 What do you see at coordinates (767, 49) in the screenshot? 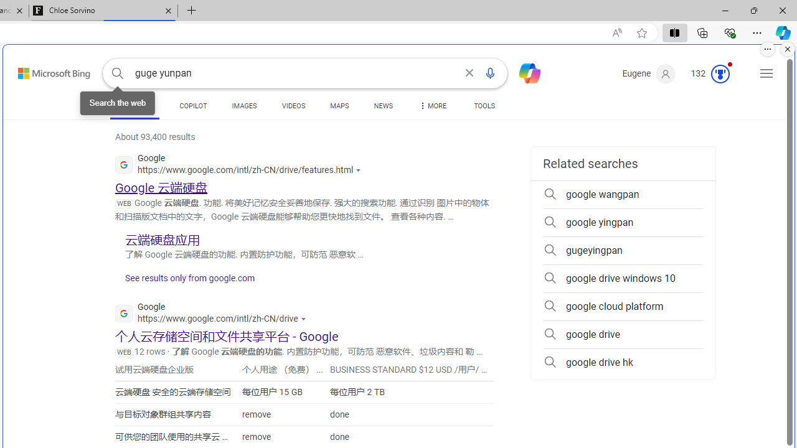
I see `'More options.'` at bounding box center [767, 49].